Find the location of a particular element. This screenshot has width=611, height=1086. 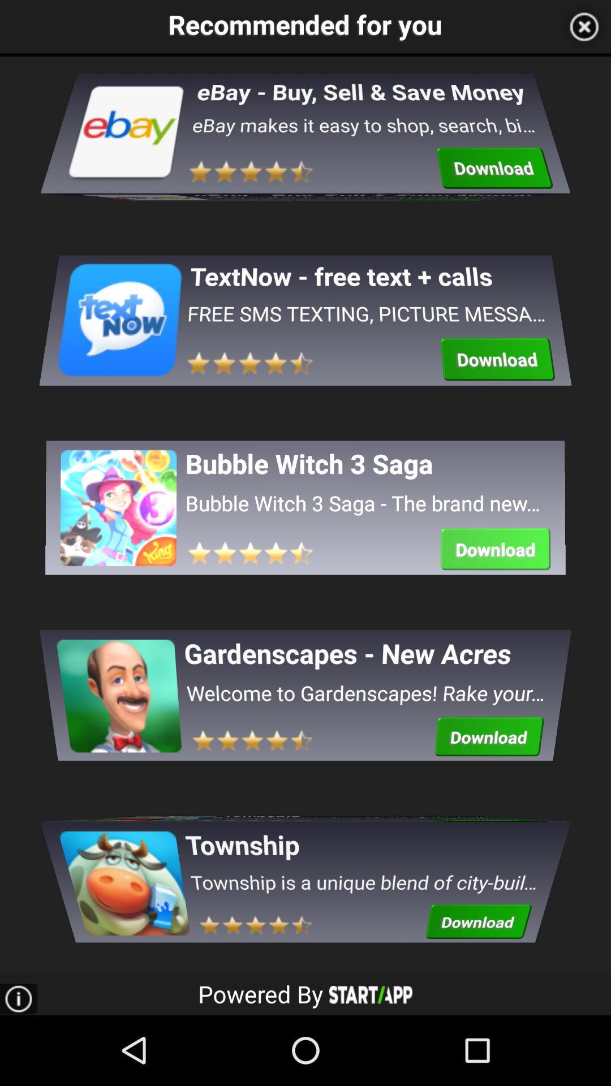

icon next to recommended for you icon is located at coordinates (584, 27).